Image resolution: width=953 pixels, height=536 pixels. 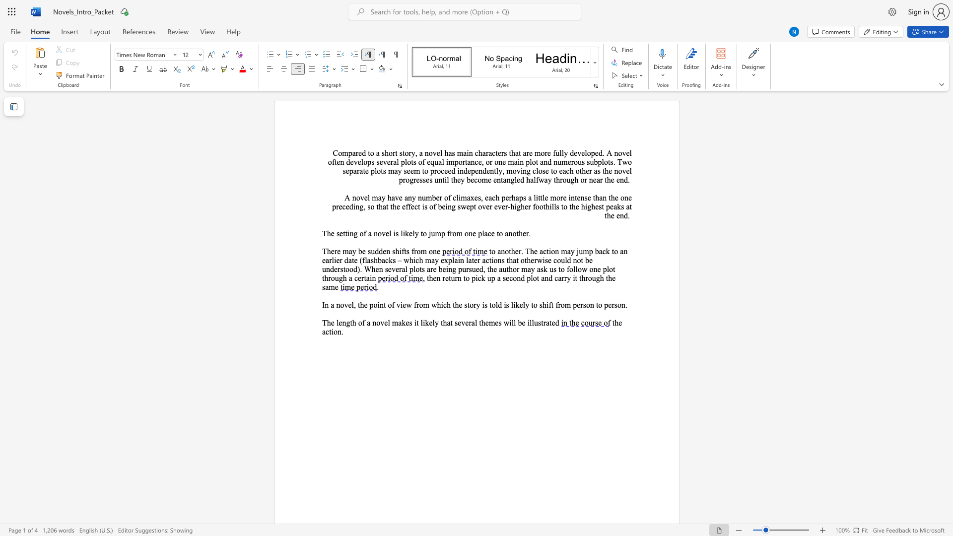 What do you see at coordinates (367, 251) in the screenshot?
I see `the subset text "sudd" within the text "There may be sudden shifts from one"` at bounding box center [367, 251].